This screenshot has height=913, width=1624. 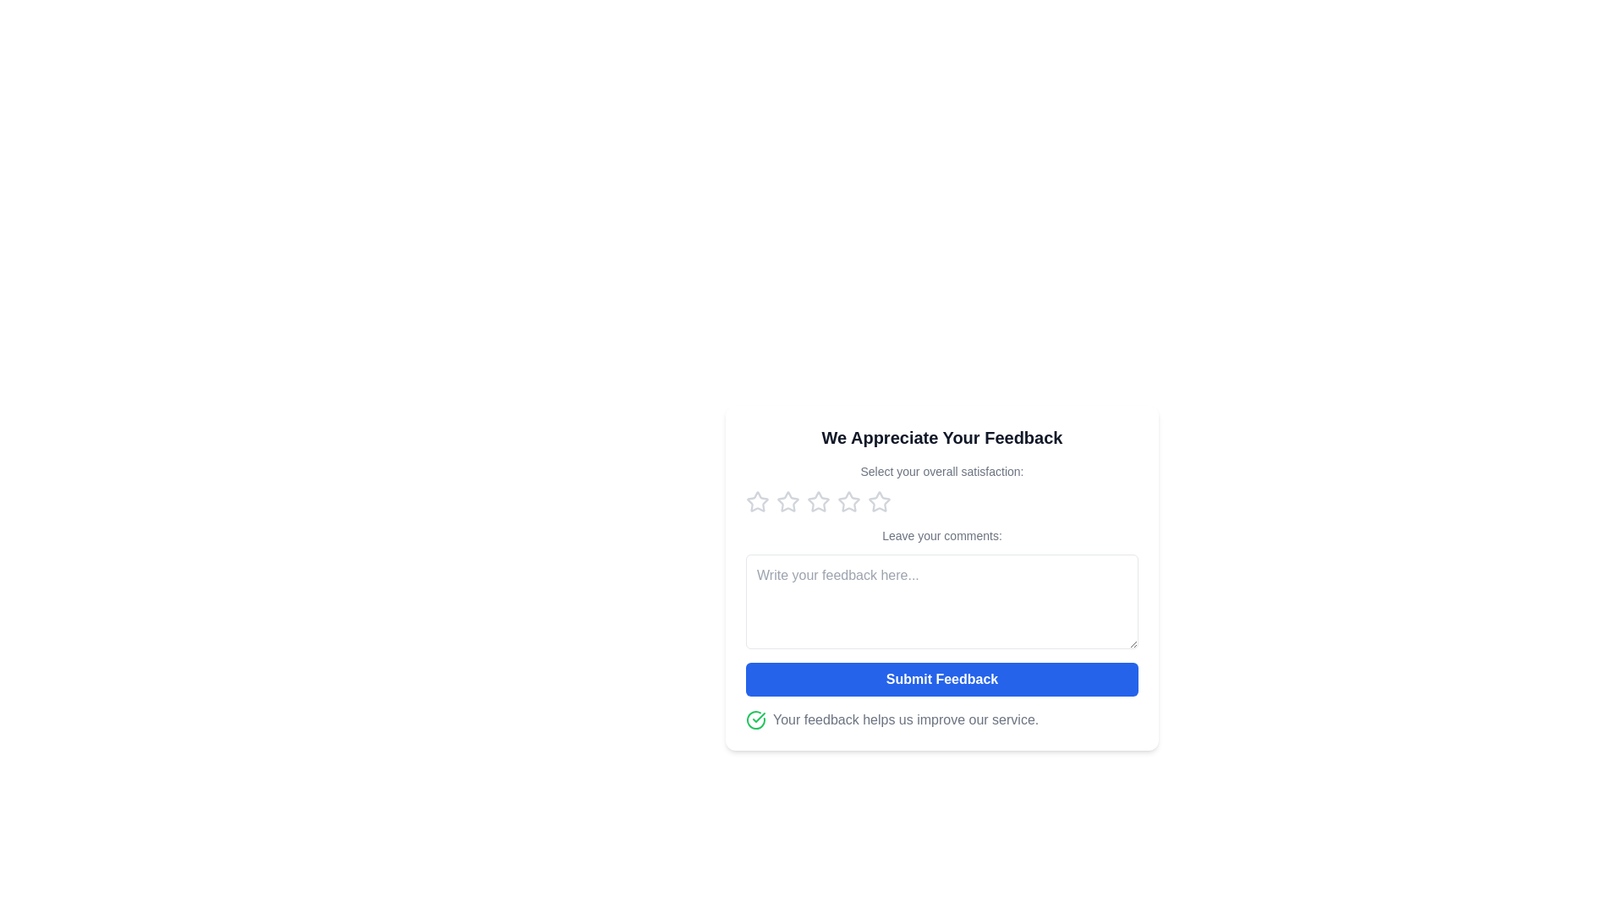 What do you see at coordinates (848, 500) in the screenshot?
I see `the third star-shaped icon in the feedback form` at bounding box center [848, 500].